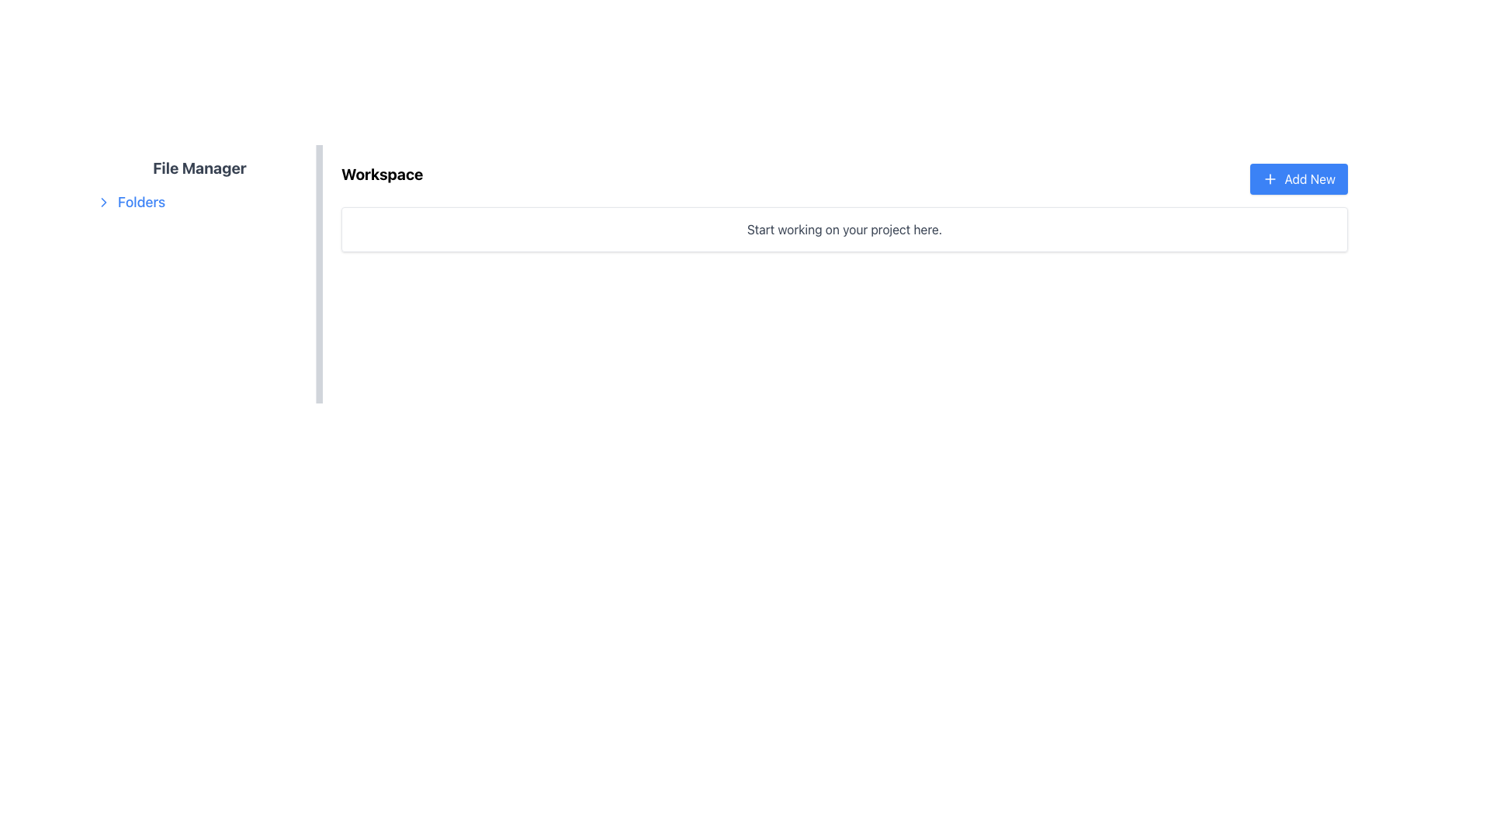 This screenshot has height=838, width=1490. What do you see at coordinates (1270, 178) in the screenshot?
I see `the decorative icon located at the center-left region of the 'Add New' button, which indicates an action to add or create` at bounding box center [1270, 178].